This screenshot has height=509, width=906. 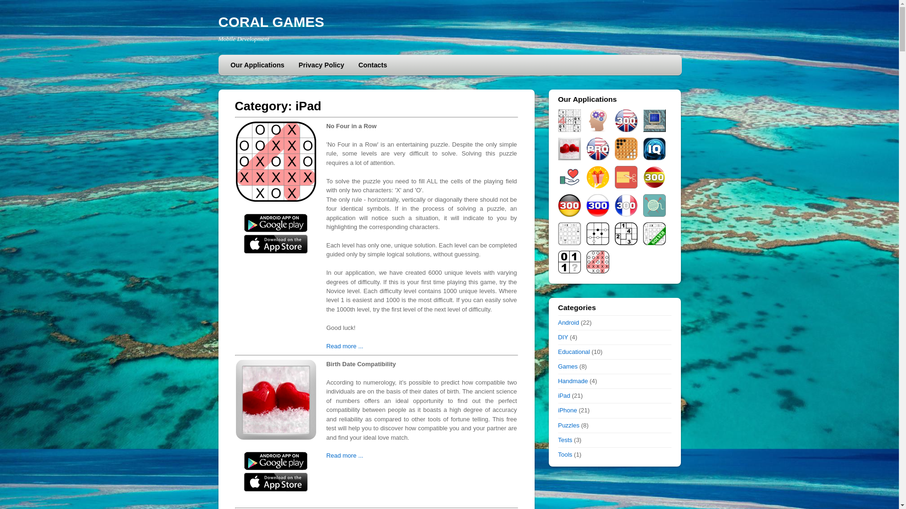 What do you see at coordinates (567, 366) in the screenshot?
I see `'Games'` at bounding box center [567, 366].